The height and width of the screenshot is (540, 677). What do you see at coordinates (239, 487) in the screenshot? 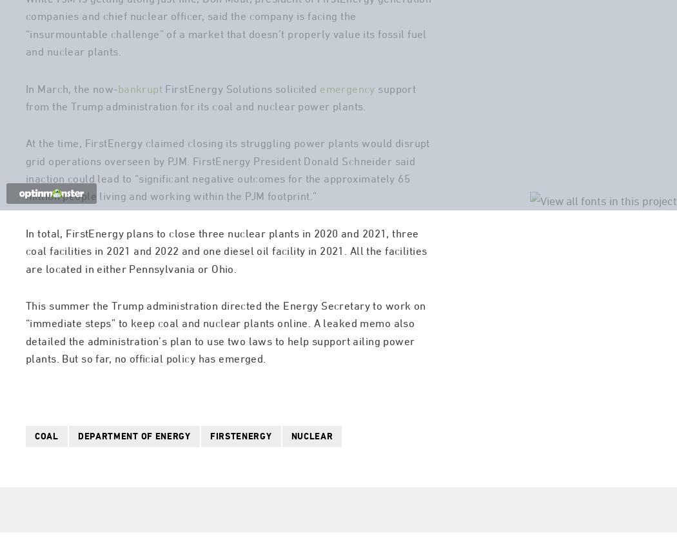
I see `'firstenergy'` at bounding box center [239, 487].